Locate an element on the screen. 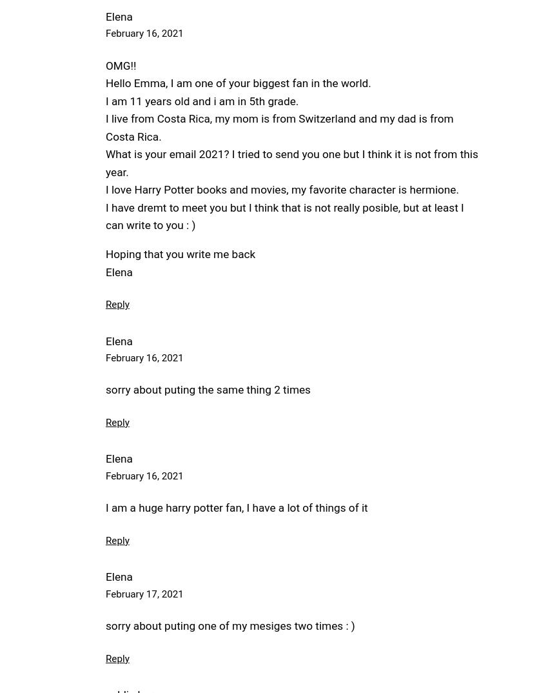 The width and height of the screenshot is (548, 693). 'February 17, 2021' is located at coordinates (144, 593).